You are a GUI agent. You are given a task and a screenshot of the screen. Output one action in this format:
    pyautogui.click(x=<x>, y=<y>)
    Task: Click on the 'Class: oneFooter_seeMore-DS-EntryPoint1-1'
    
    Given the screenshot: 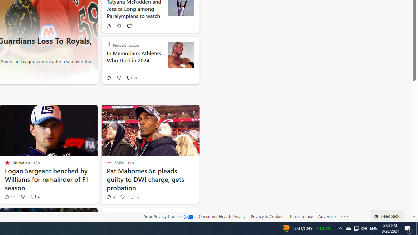 What is the action you would take?
    pyautogui.click(x=345, y=216)
    